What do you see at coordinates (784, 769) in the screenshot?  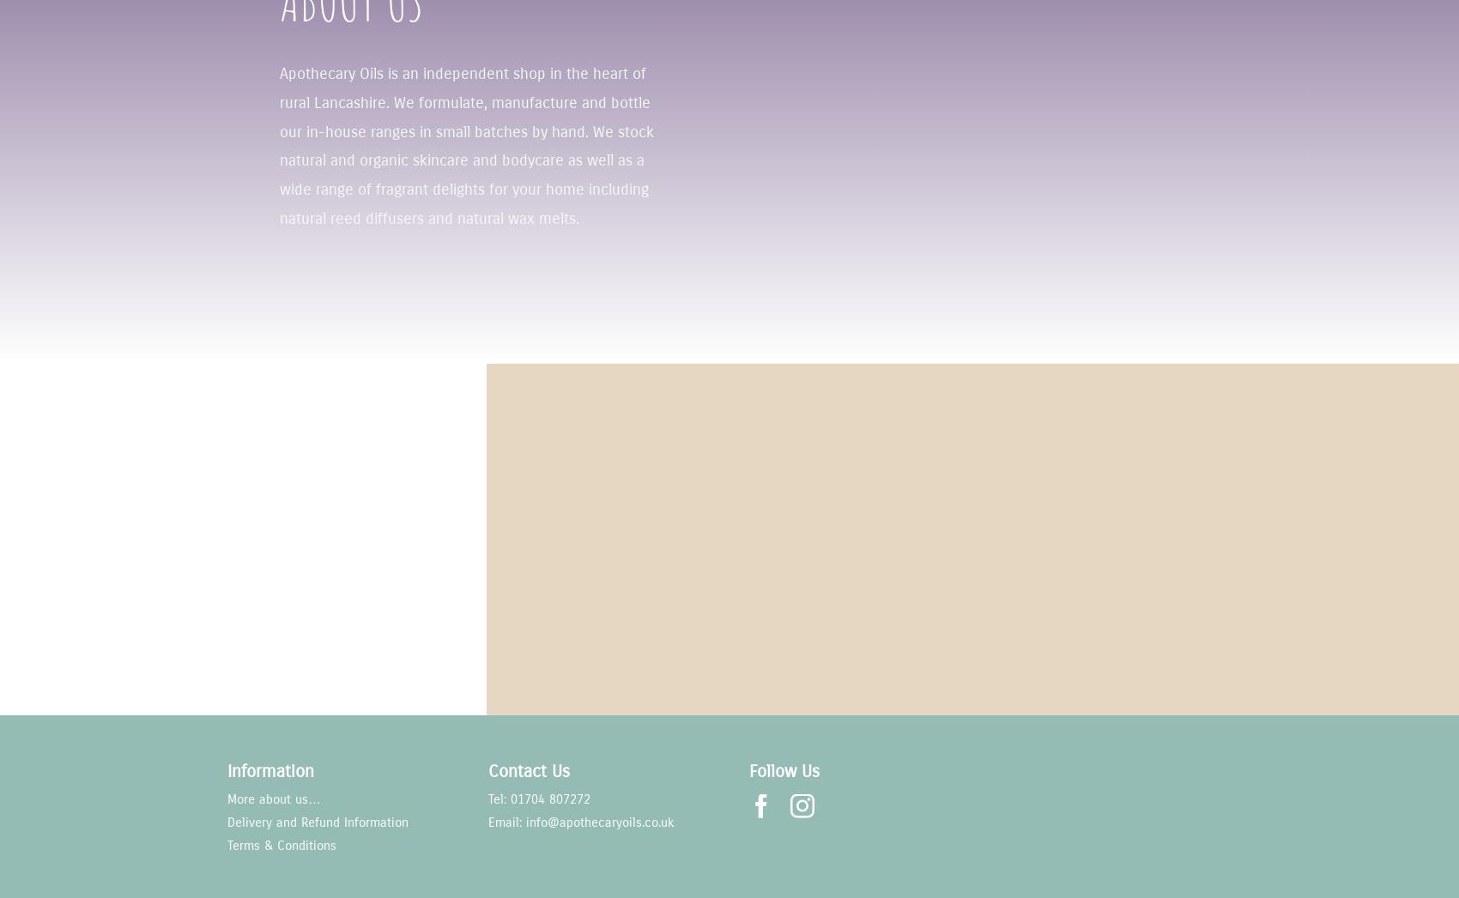 I see `'Follow Us'` at bounding box center [784, 769].